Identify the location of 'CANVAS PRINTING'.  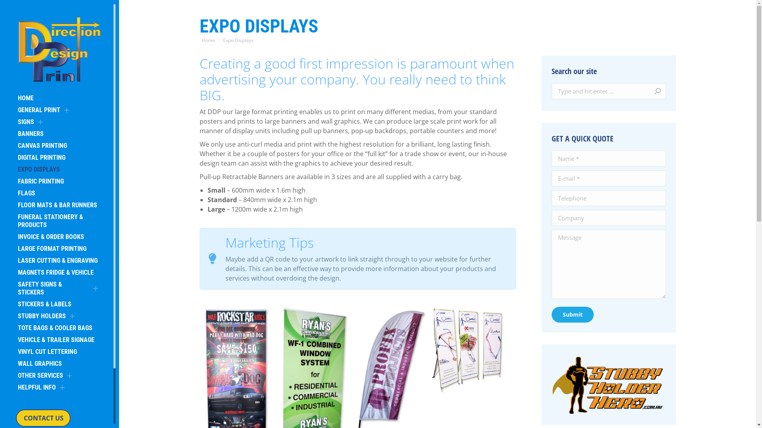
(42, 145).